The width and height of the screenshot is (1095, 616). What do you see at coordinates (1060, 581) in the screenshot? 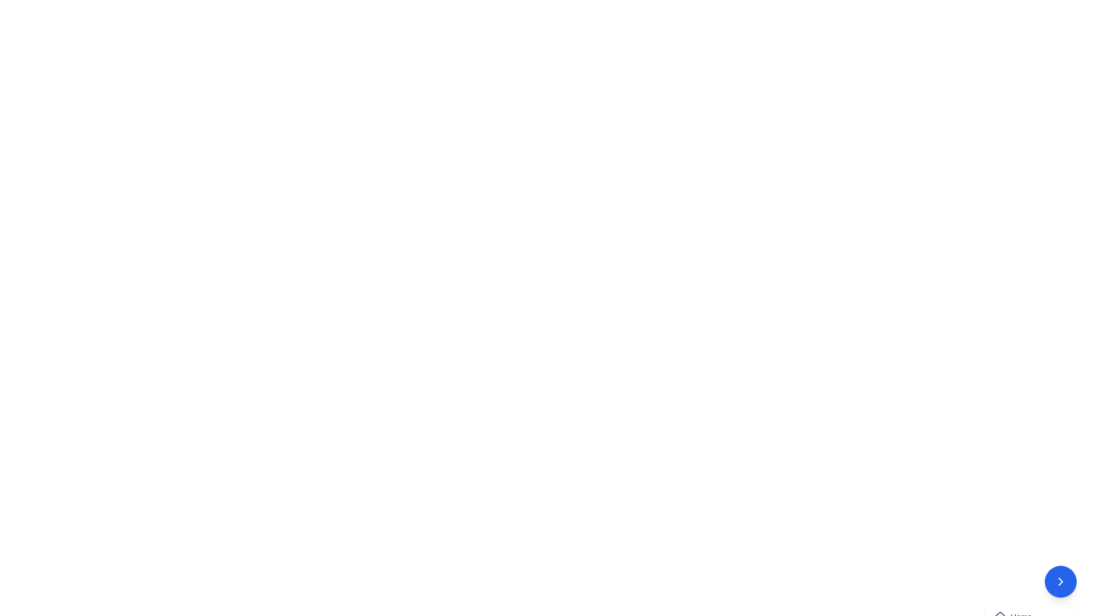
I see `the right-pointing triangular navigational icon located in the bottom-right corner of the interface, which is set against a circular blue background` at bounding box center [1060, 581].